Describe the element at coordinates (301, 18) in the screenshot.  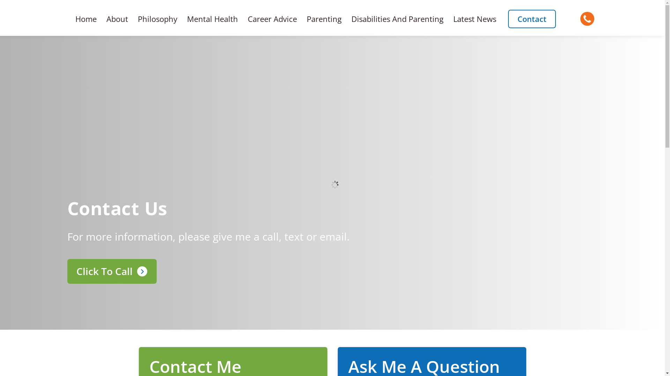
I see `'Parenting'` at that location.